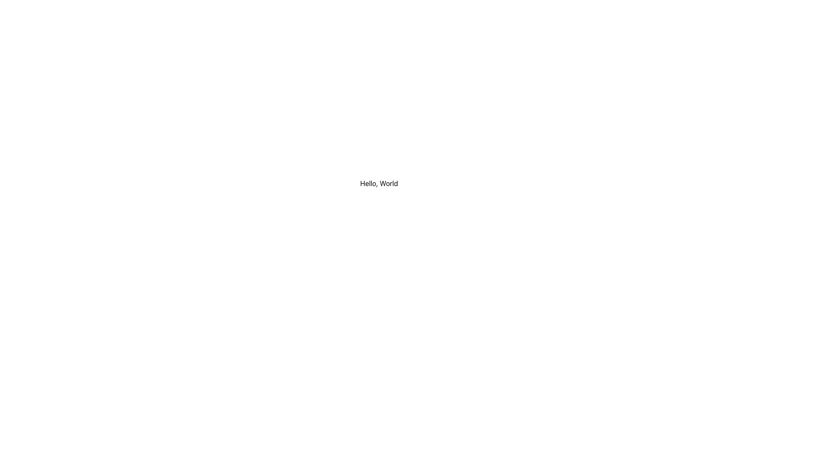 The height and width of the screenshot is (463, 824). I want to click on the text element displaying 'Hello, World' in black font, which is centered horizontally within a white background, so click(379, 183).